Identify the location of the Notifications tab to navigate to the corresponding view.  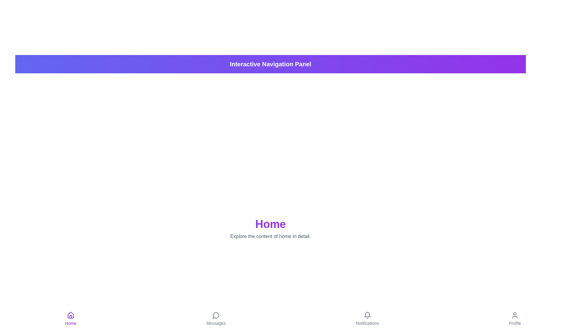
(367, 319).